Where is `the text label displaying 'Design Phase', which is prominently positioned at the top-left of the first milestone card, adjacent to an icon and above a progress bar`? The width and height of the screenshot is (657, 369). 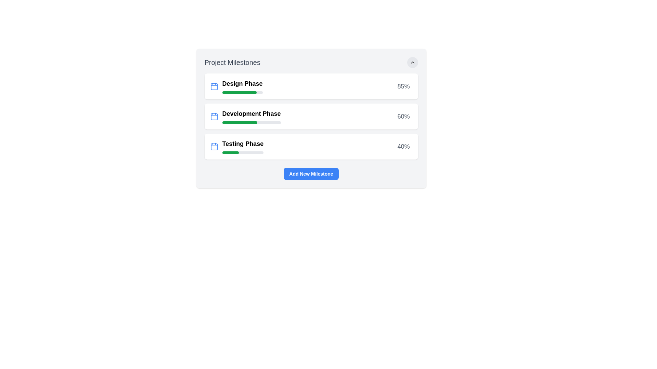 the text label displaying 'Design Phase', which is prominently positioned at the top-left of the first milestone card, adjacent to an icon and above a progress bar is located at coordinates (242, 83).